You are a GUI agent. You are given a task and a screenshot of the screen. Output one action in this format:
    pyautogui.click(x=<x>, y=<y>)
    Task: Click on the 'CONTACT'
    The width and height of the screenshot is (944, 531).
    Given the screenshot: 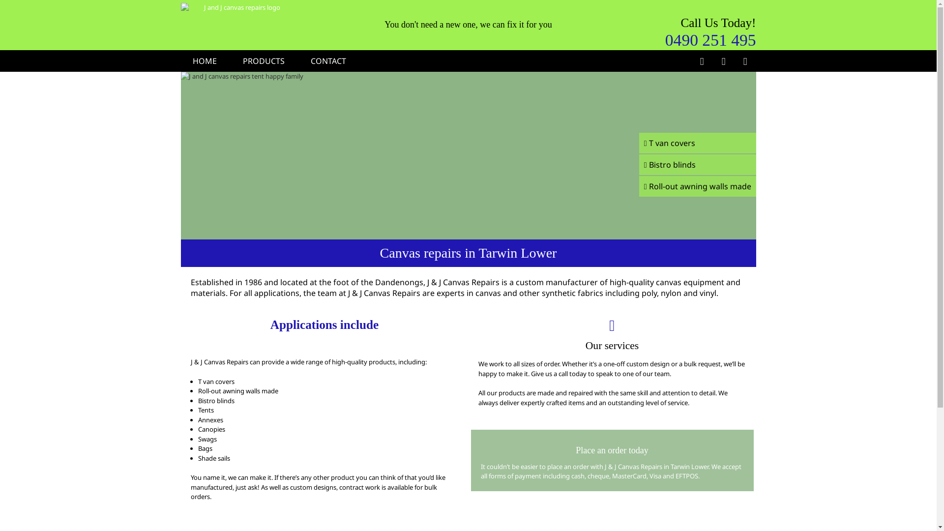 What is the action you would take?
    pyautogui.click(x=328, y=60)
    